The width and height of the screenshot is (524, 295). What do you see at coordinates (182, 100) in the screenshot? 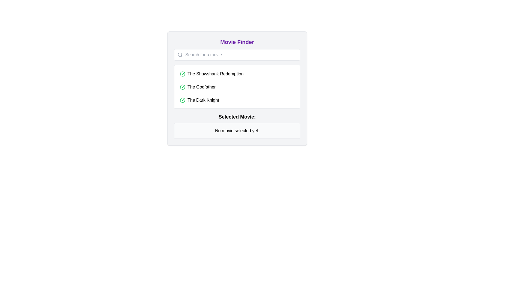
I see `the circular green outlined icon with a checkmark for 'The Dark Knight'` at bounding box center [182, 100].